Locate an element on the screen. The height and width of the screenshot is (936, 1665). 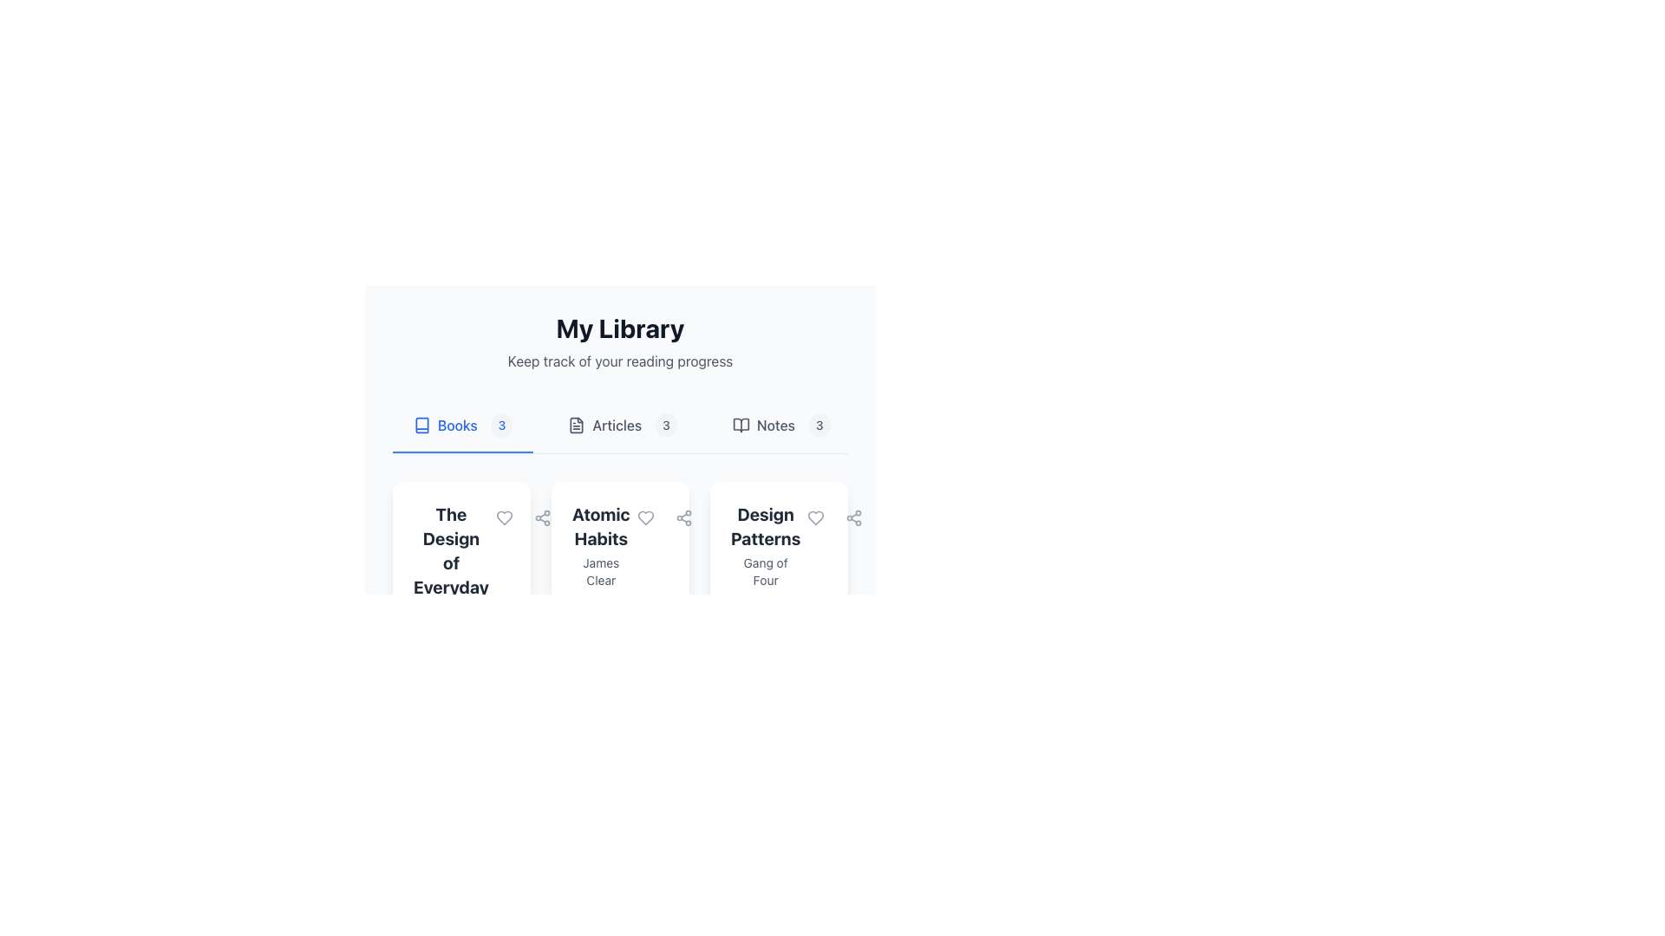
the decorative document icon within the SVG group, which has a rectangular shape with slightly rounded edges and is positioned between the 'Books' and 'Notes' tab indicators is located at coordinates (577, 425).